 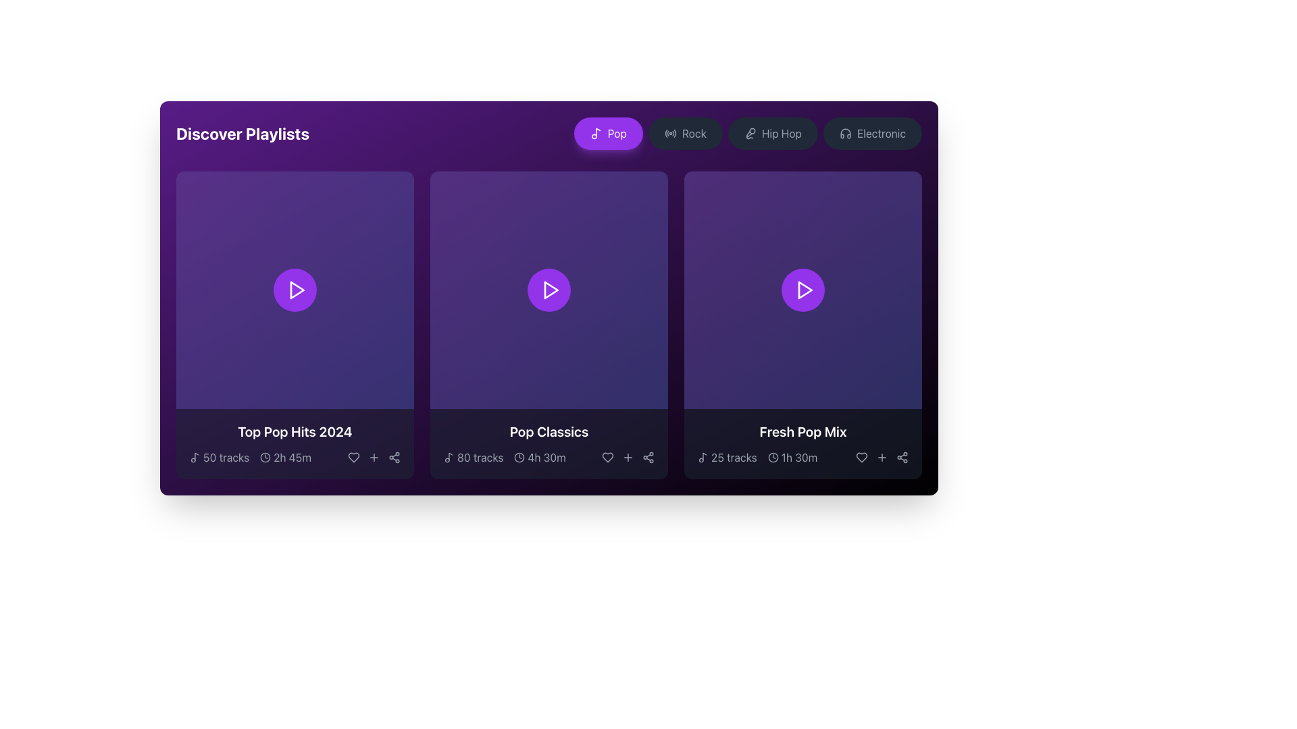 What do you see at coordinates (549, 432) in the screenshot?
I see `the playlist title text label located slightly above the bottom edge of the middle card in a three-card layout, which serves to identify the content of the card and may have interactive options` at bounding box center [549, 432].